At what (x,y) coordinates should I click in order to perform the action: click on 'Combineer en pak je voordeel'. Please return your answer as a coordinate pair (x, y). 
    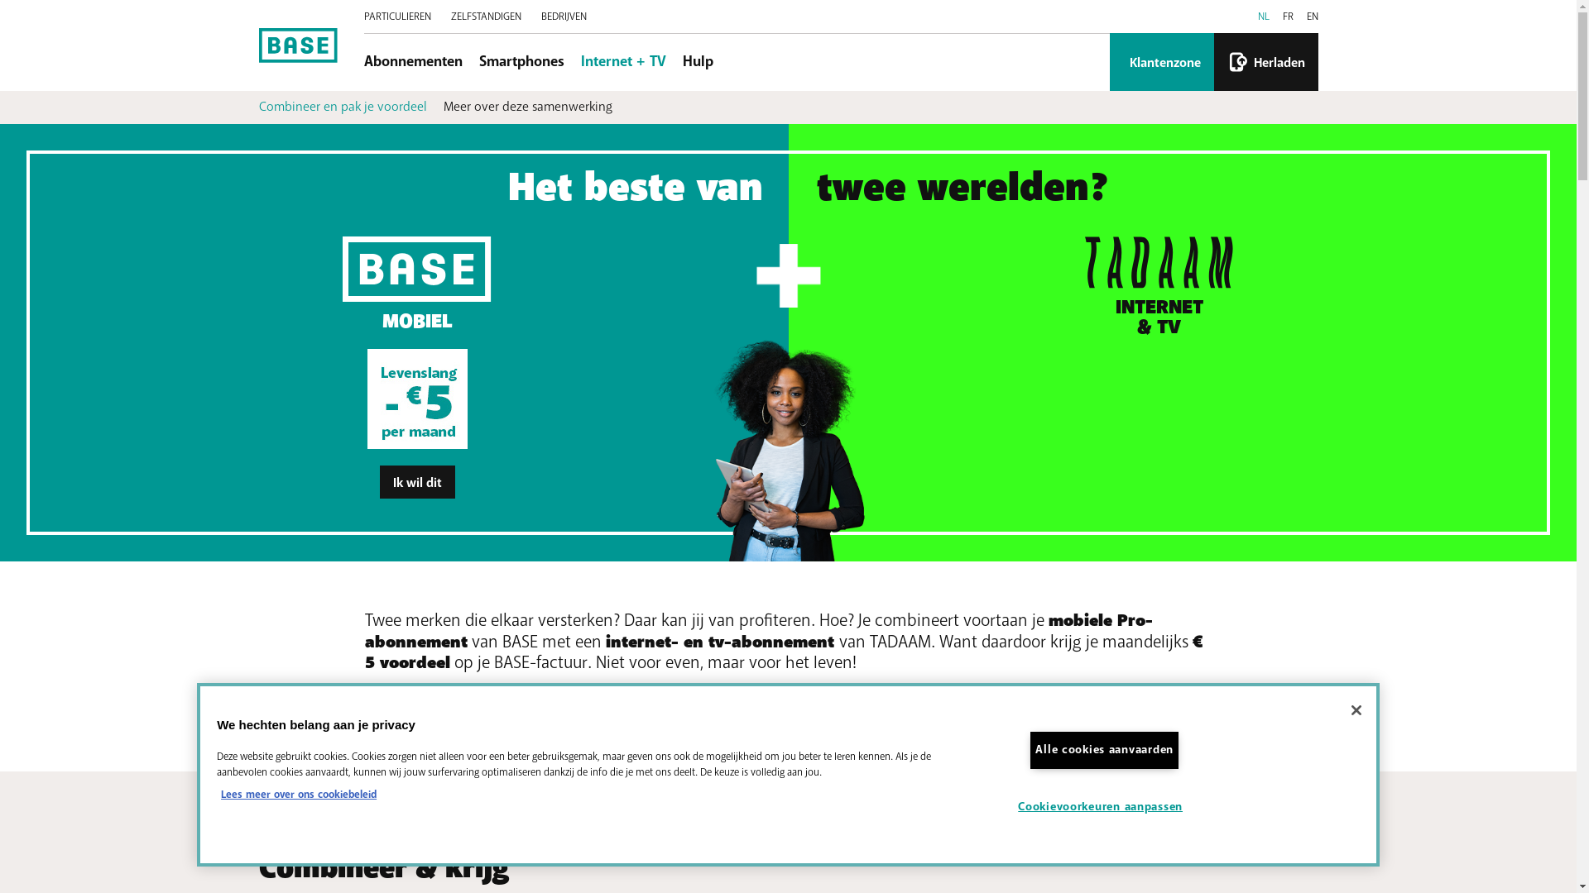
    Looking at the image, I should click on (257, 107).